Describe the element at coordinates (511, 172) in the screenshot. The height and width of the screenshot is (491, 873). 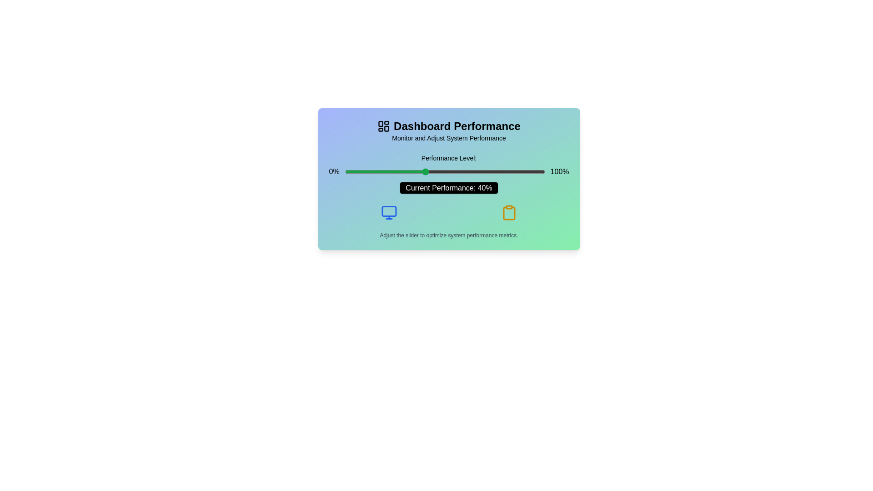
I see `the slider to set the performance level to 83%` at that location.